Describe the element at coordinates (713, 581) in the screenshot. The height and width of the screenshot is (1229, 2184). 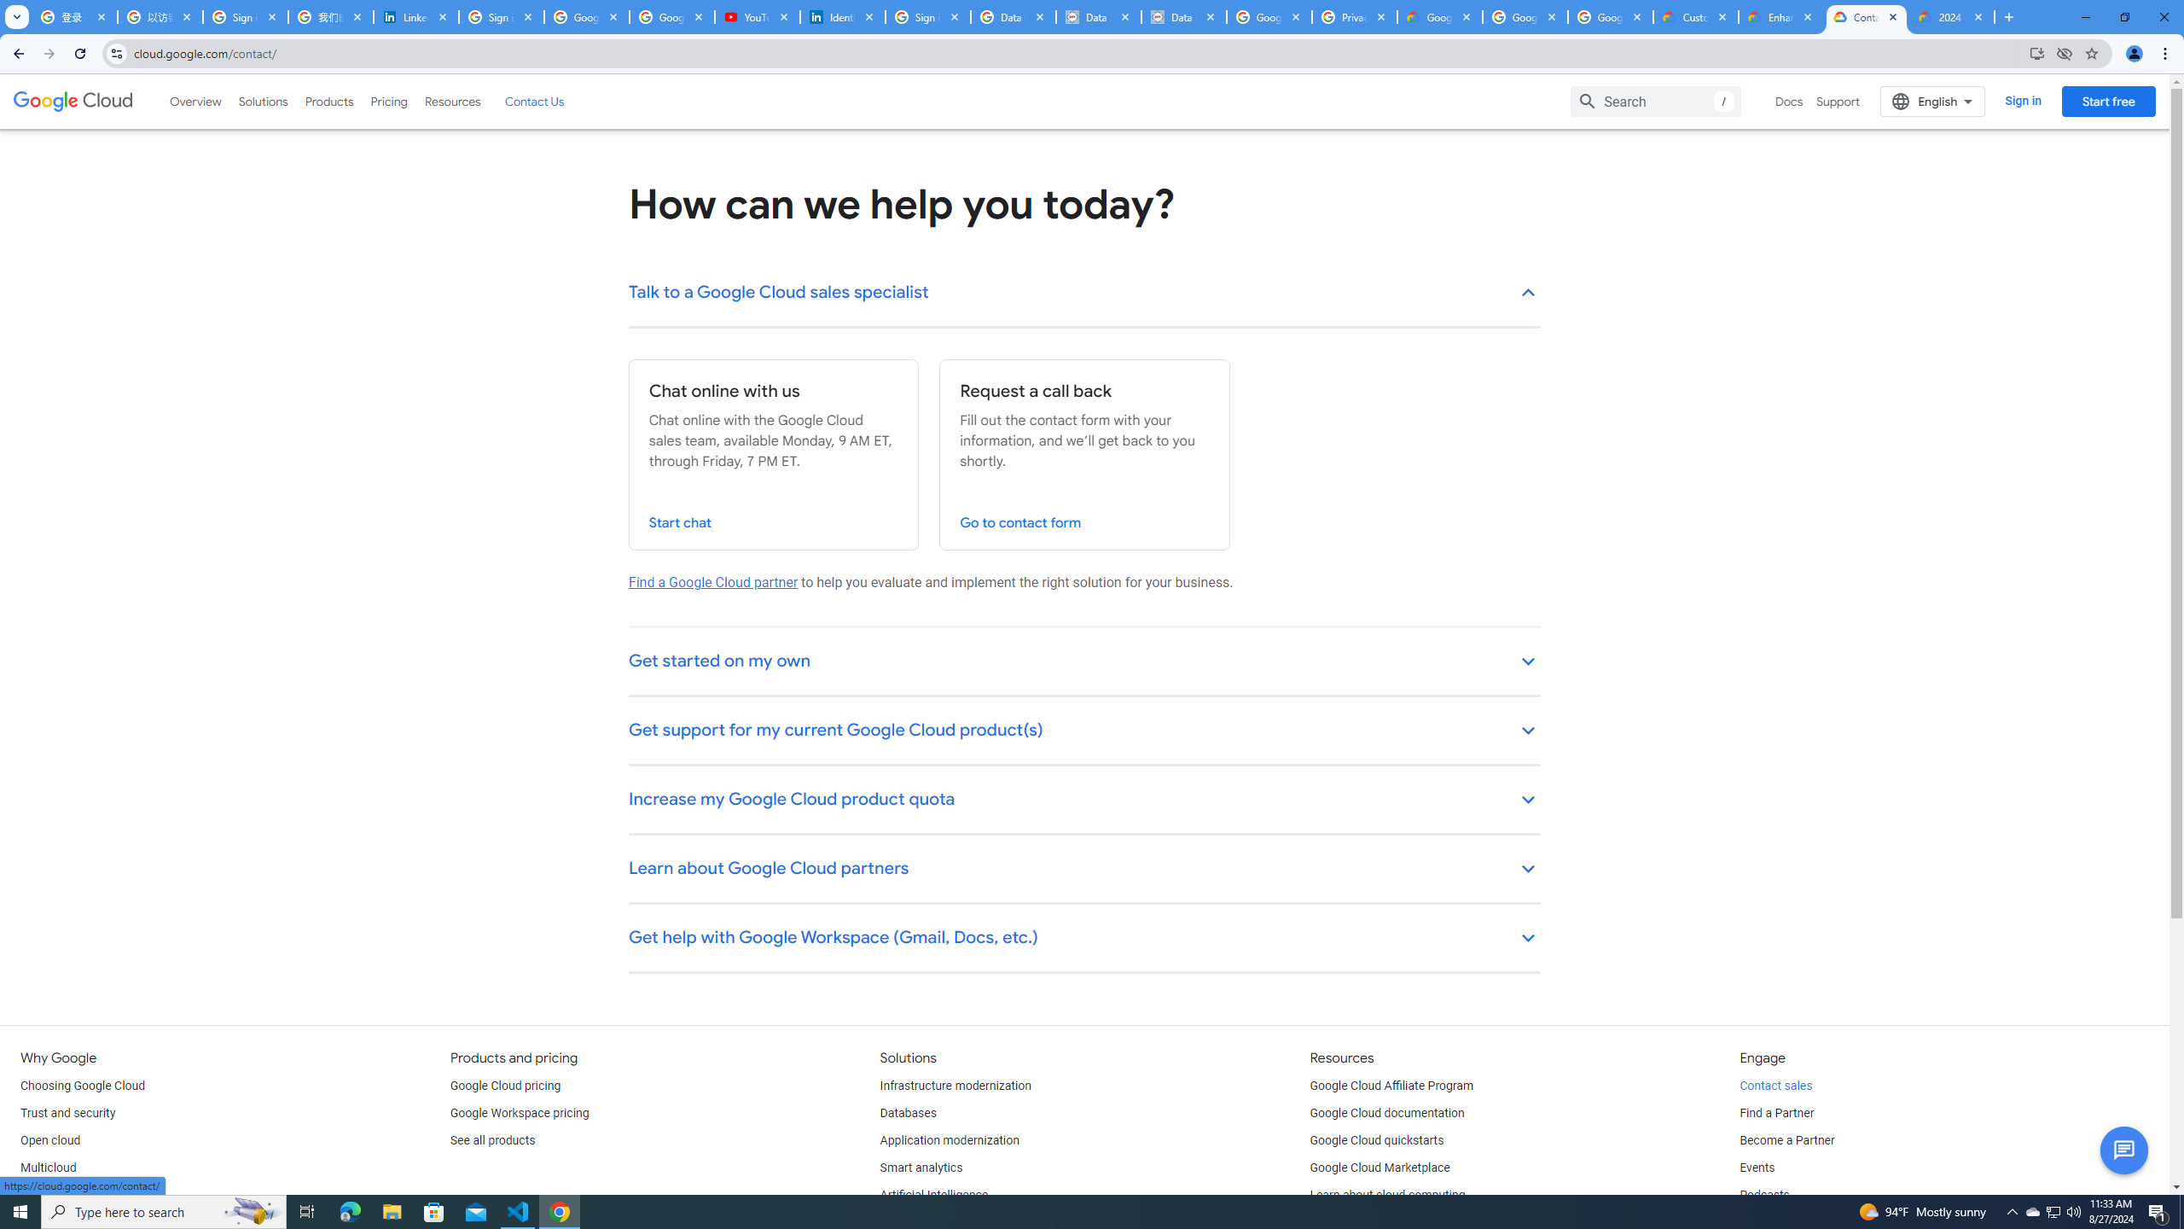
I see `'Find a Google Cloud partner'` at that location.